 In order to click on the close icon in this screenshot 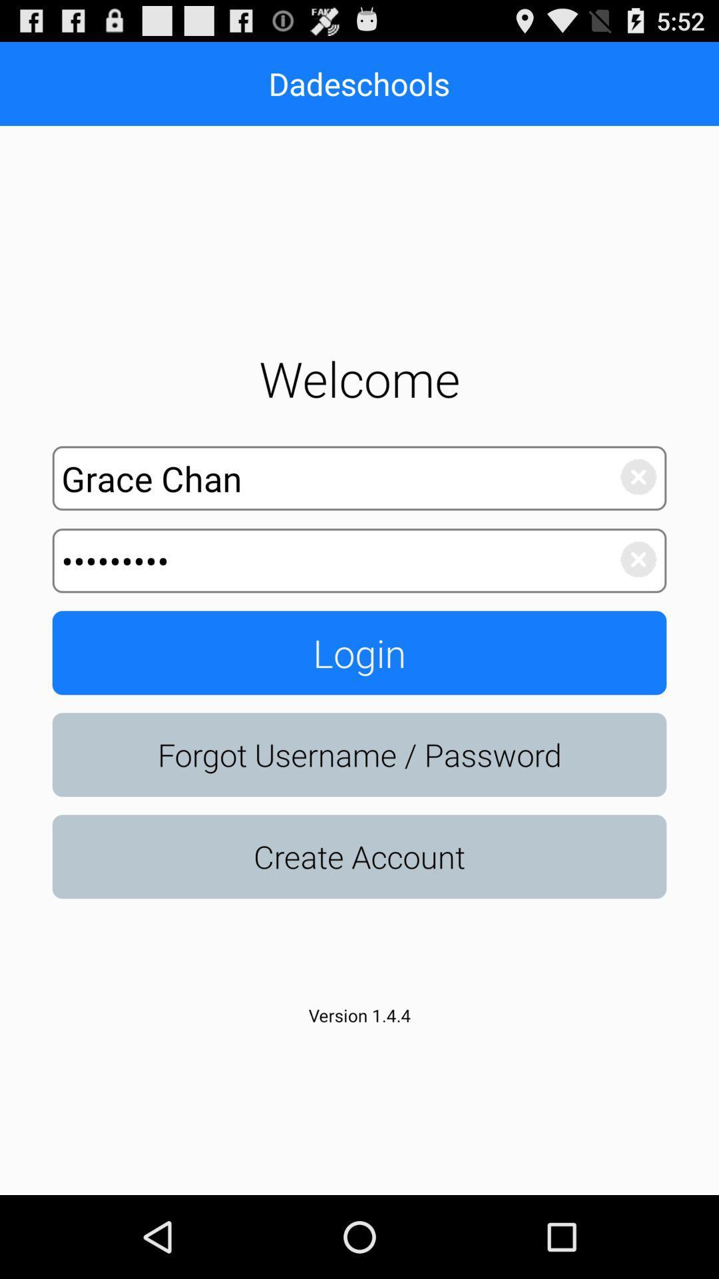, I will do `click(630, 600)`.